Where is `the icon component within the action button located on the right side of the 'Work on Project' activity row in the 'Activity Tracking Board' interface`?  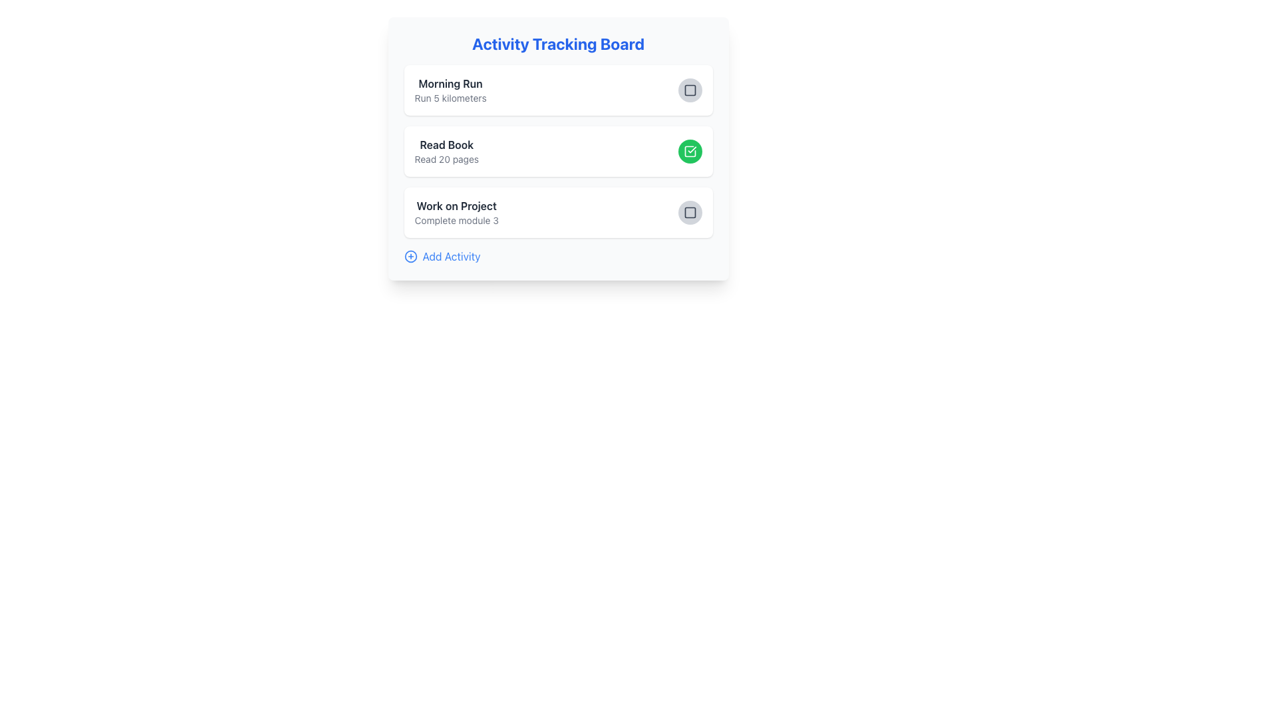
the icon component within the action button located on the right side of the 'Work on Project' activity row in the 'Activity Tracking Board' interface is located at coordinates (690, 212).